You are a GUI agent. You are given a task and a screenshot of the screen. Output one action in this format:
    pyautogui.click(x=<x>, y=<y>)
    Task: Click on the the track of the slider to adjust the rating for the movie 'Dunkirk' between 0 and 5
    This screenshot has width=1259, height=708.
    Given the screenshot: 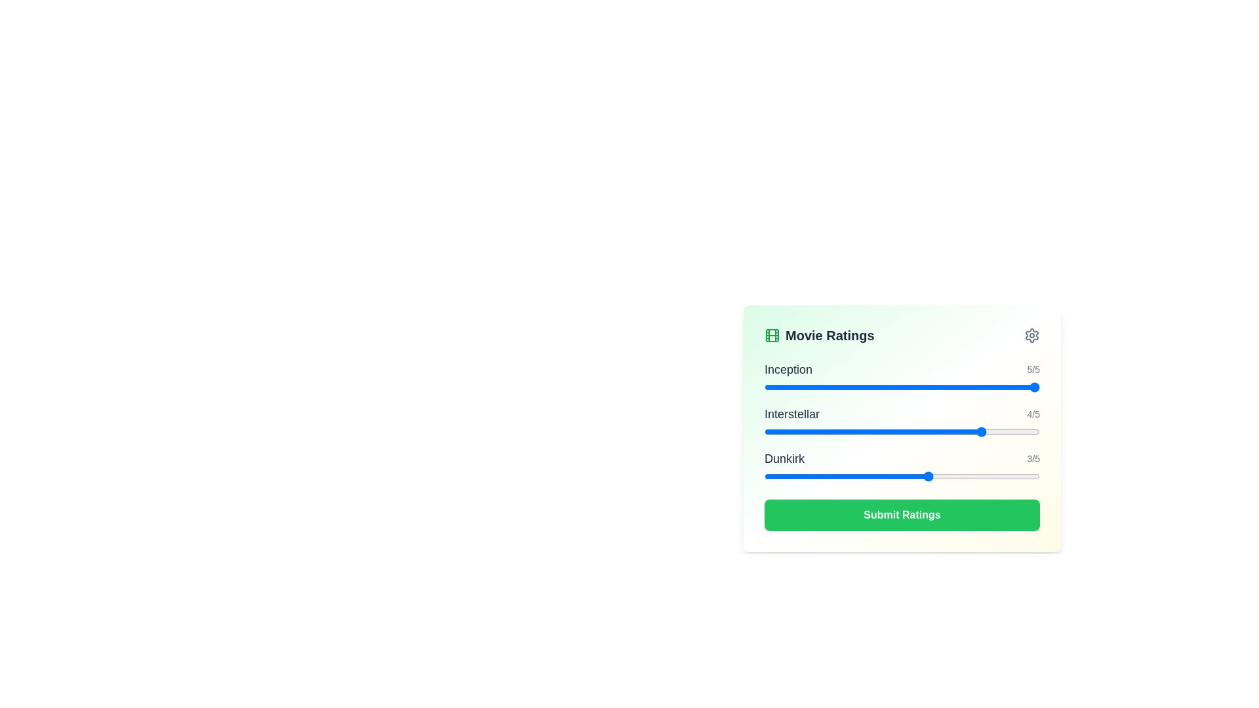 What is the action you would take?
    pyautogui.click(x=902, y=476)
    